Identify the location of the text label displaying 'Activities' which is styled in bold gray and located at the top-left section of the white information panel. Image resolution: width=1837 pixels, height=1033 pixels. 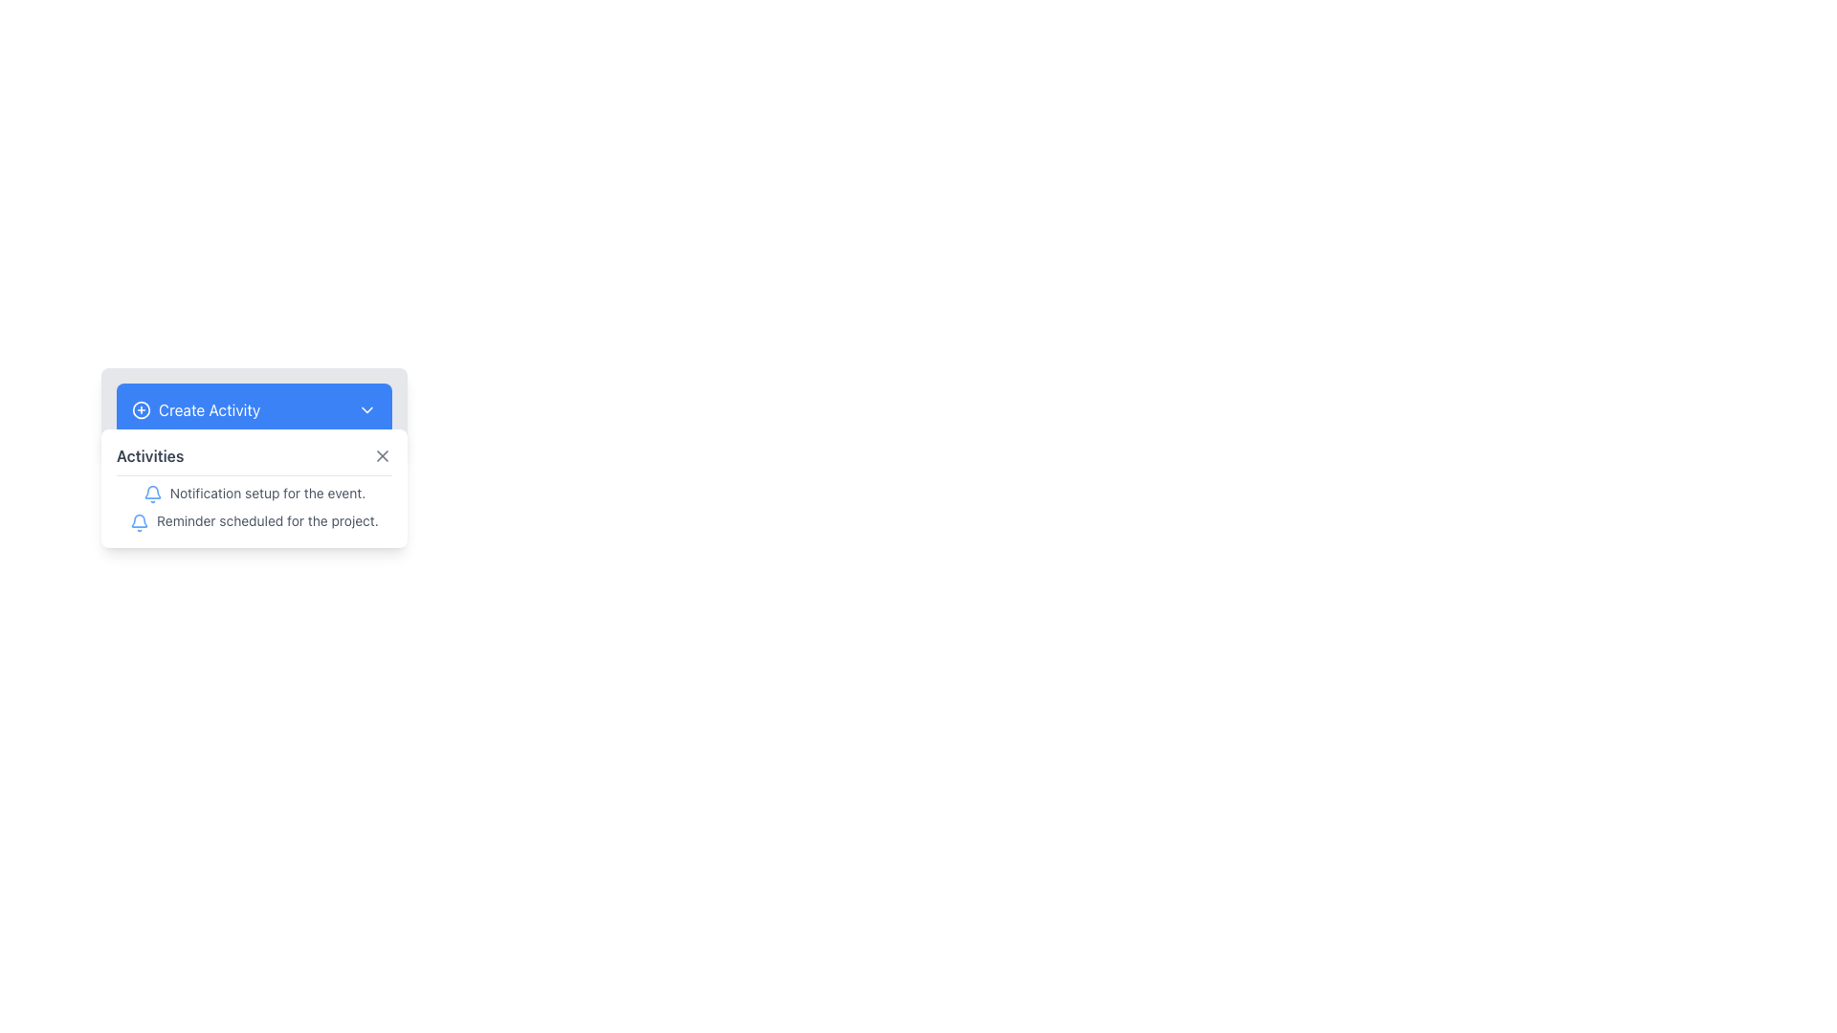
(149, 456).